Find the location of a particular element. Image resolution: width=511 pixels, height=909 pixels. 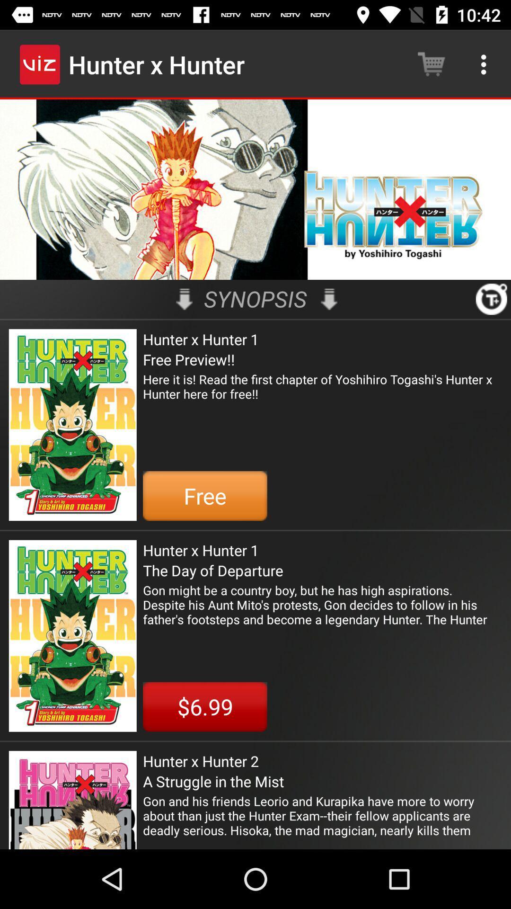

gon might be item is located at coordinates (322, 604).